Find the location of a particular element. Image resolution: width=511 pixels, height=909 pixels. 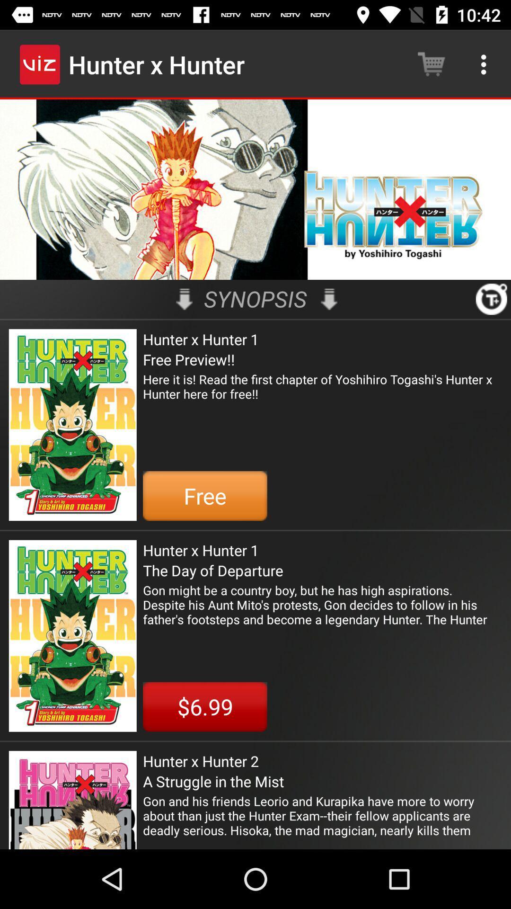

gon might be item is located at coordinates (322, 604).